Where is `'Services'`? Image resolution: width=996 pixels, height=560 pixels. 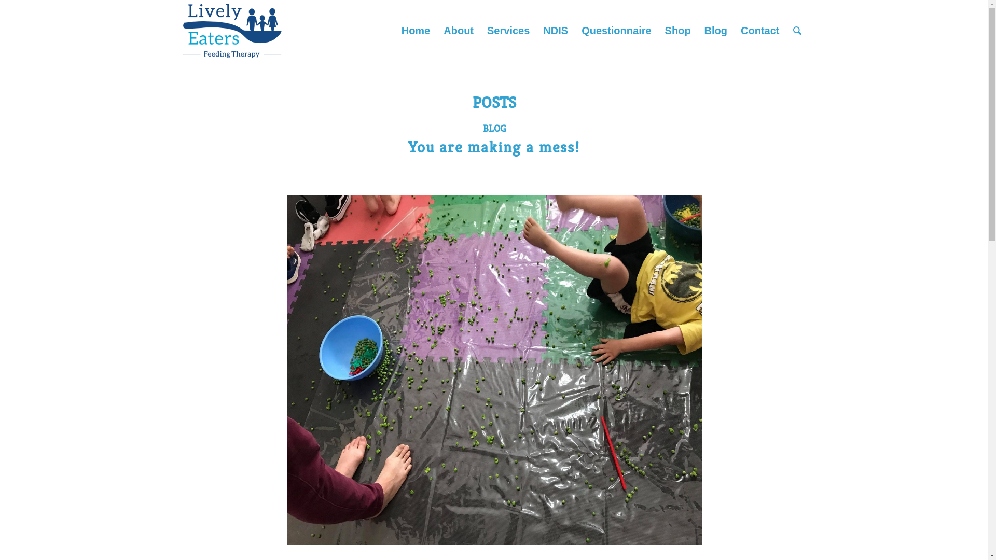 'Services' is located at coordinates (508, 30).